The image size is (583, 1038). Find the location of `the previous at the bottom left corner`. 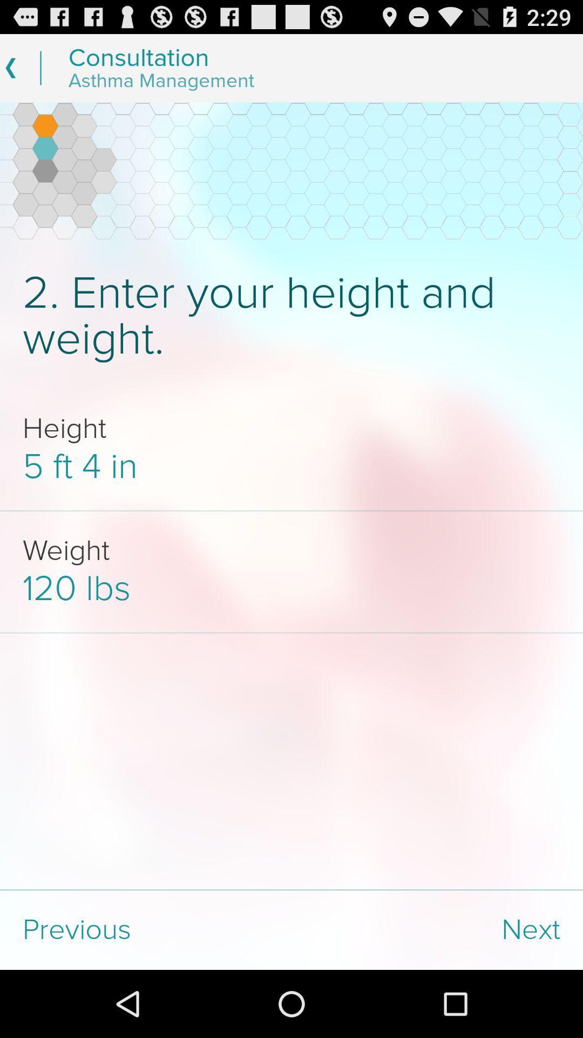

the previous at the bottom left corner is located at coordinates (146, 929).